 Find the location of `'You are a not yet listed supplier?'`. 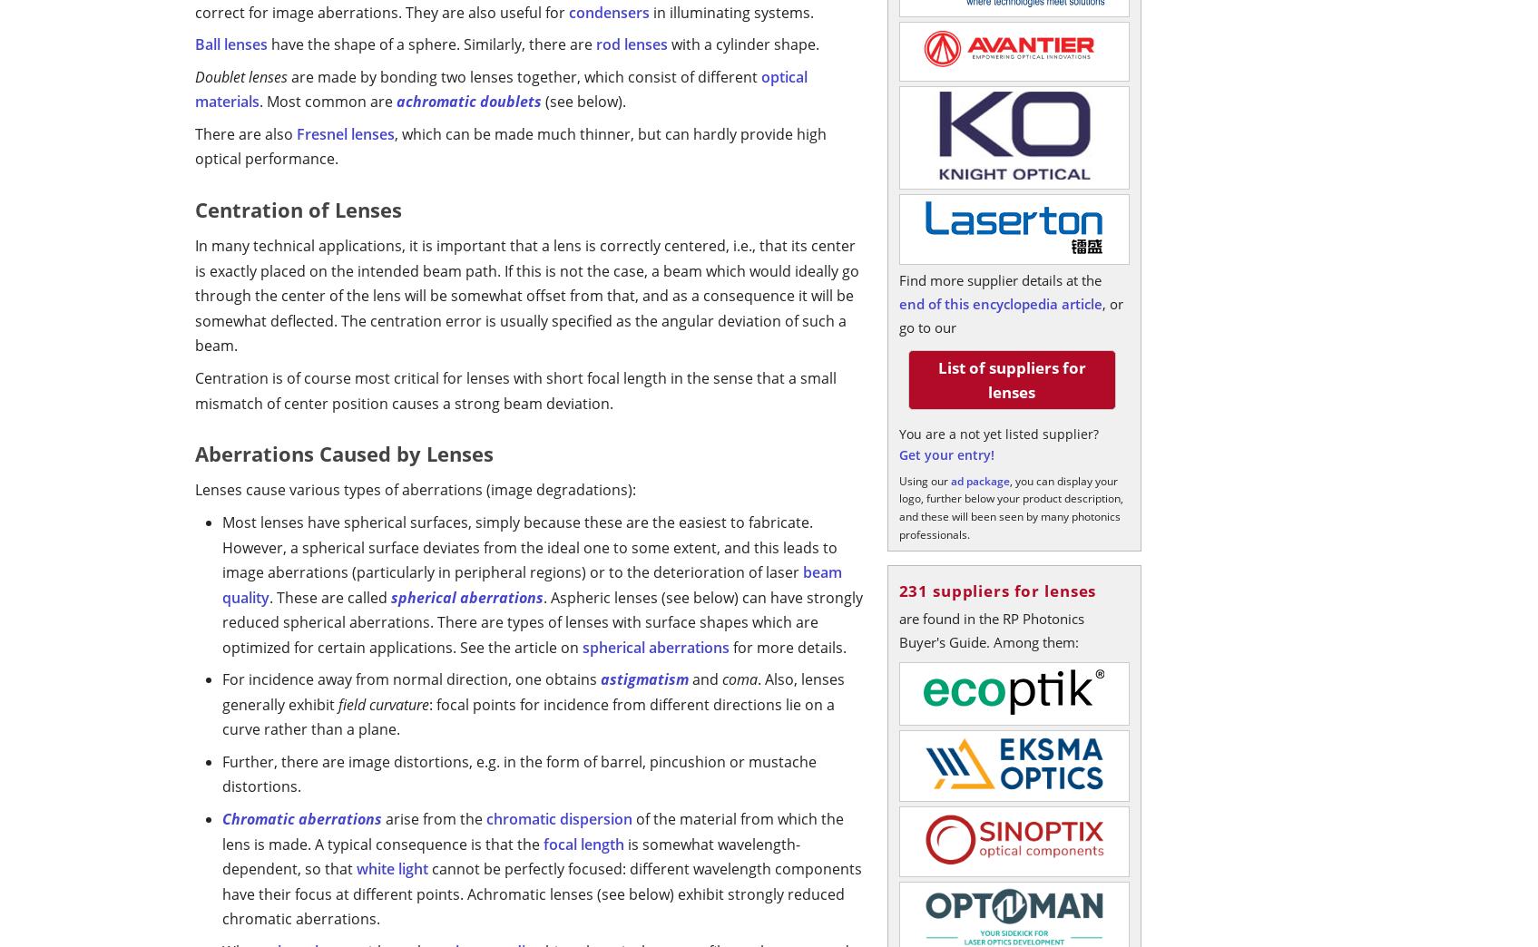

'You are a not yet listed supplier?' is located at coordinates (998, 433).